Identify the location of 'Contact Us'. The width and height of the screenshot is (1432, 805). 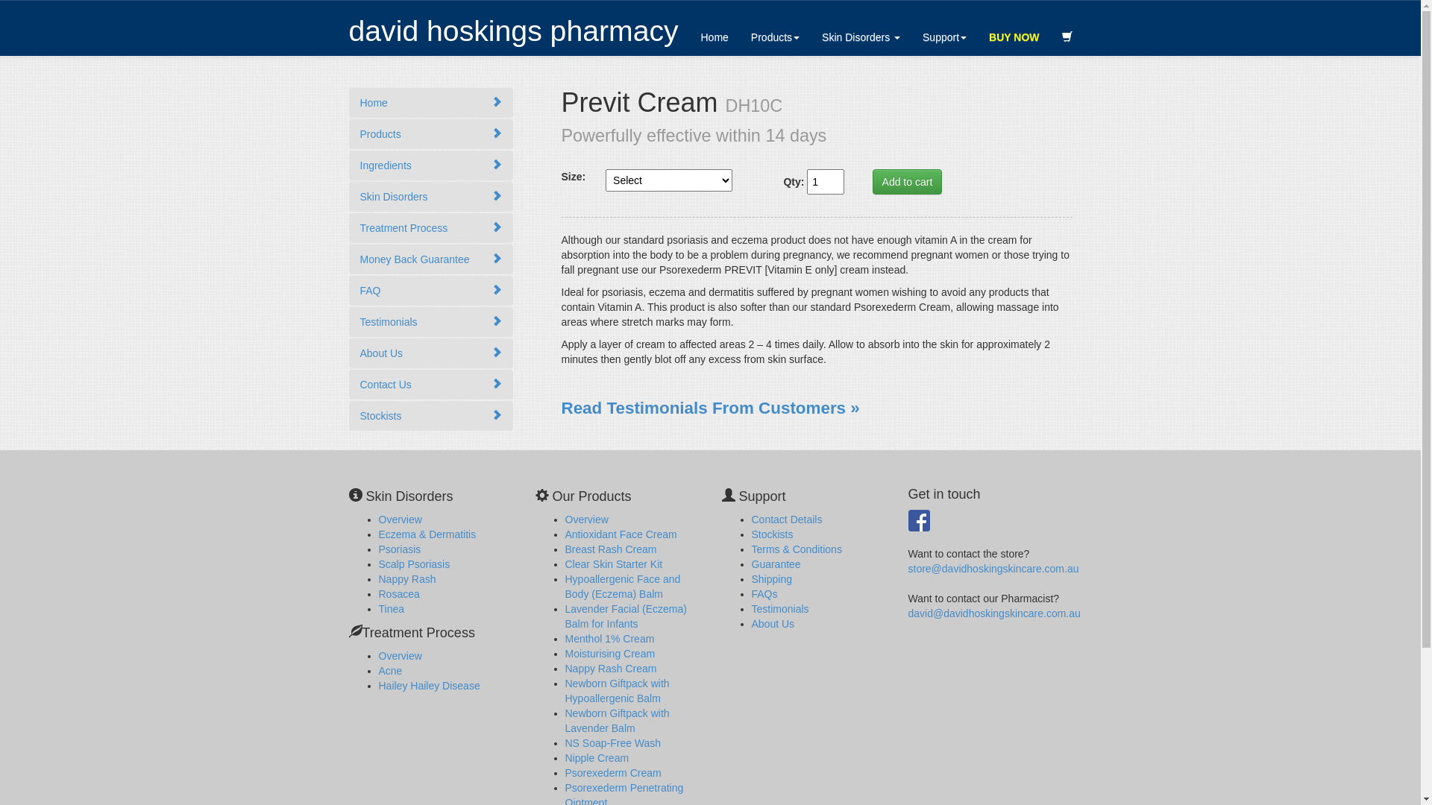
(430, 384).